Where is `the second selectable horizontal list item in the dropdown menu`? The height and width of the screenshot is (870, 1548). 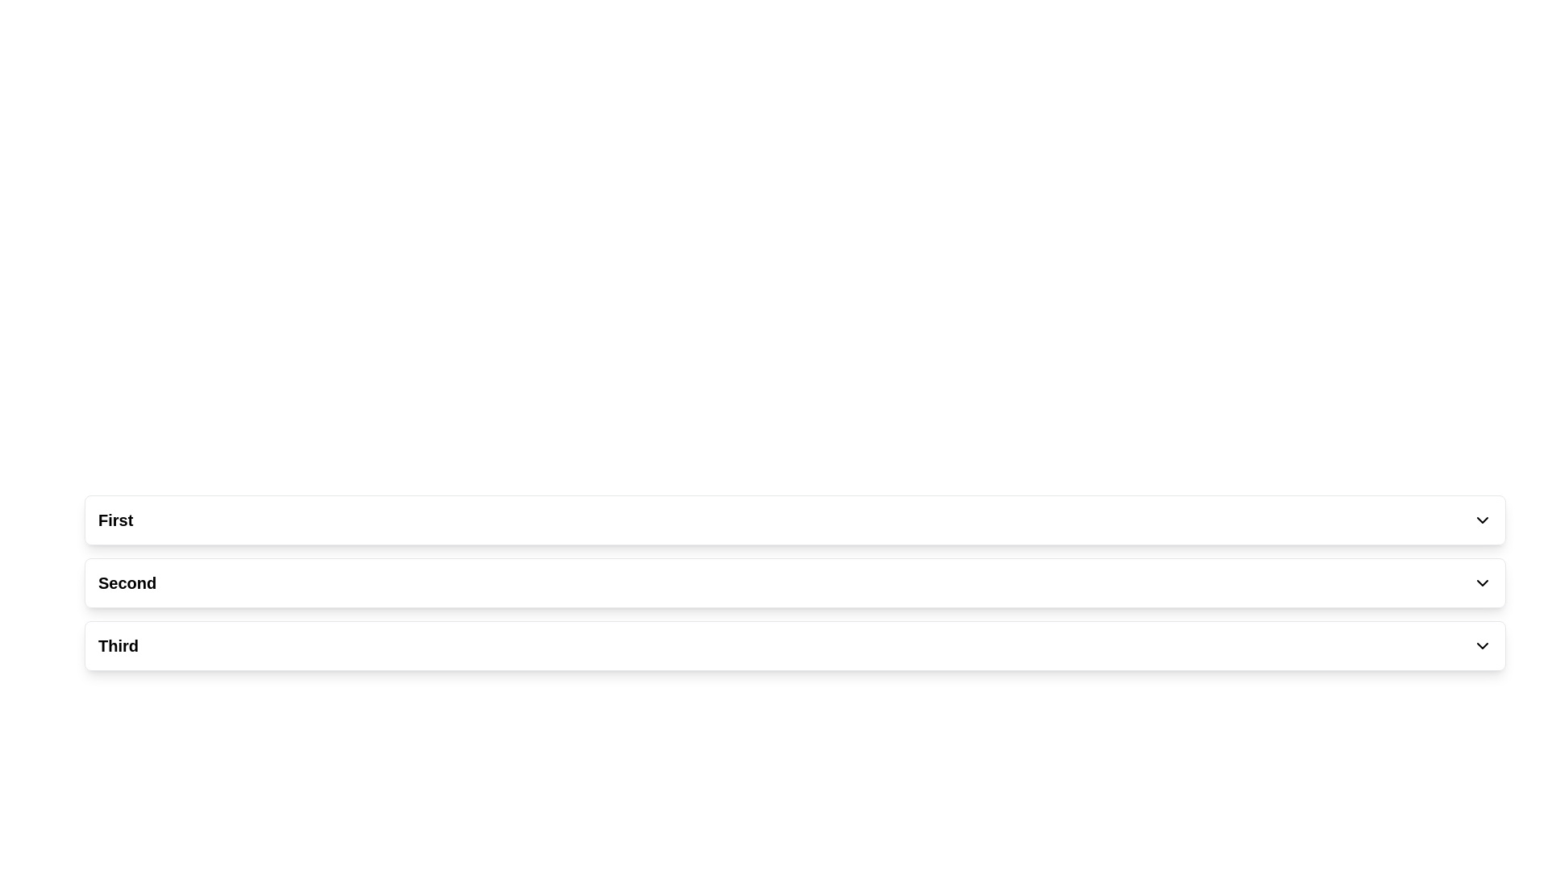
the second selectable horizontal list item in the dropdown menu is located at coordinates (795, 583).